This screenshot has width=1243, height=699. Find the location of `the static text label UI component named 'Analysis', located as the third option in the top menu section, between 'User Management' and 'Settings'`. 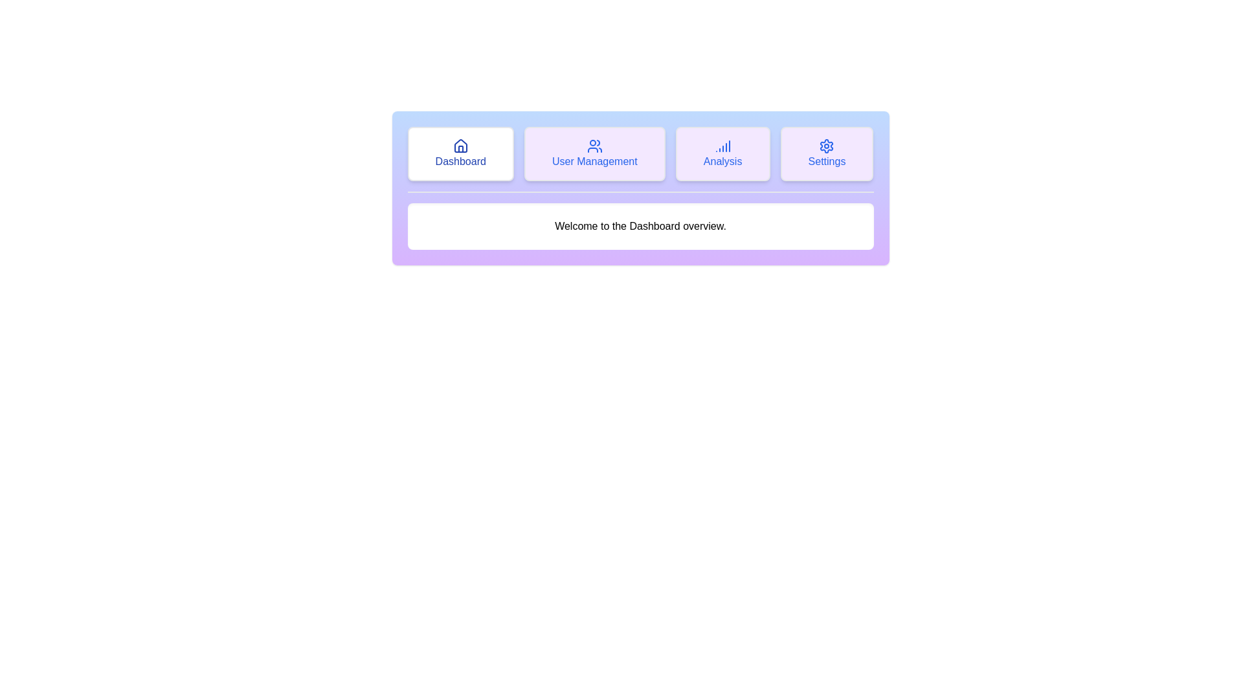

the static text label UI component named 'Analysis', located as the third option in the top menu section, between 'User Management' and 'Settings' is located at coordinates (722, 161).